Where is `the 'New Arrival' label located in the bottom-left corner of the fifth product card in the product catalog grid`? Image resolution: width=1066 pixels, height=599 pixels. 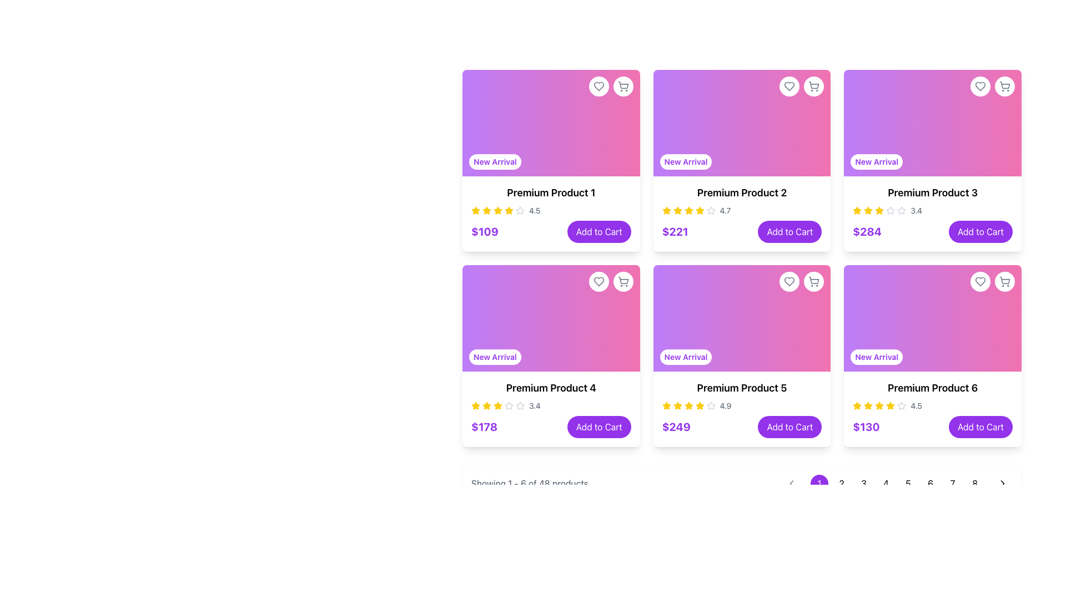 the 'New Arrival' label located in the bottom-left corner of the fifth product card in the product catalog grid is located at coordinates (685, 357).